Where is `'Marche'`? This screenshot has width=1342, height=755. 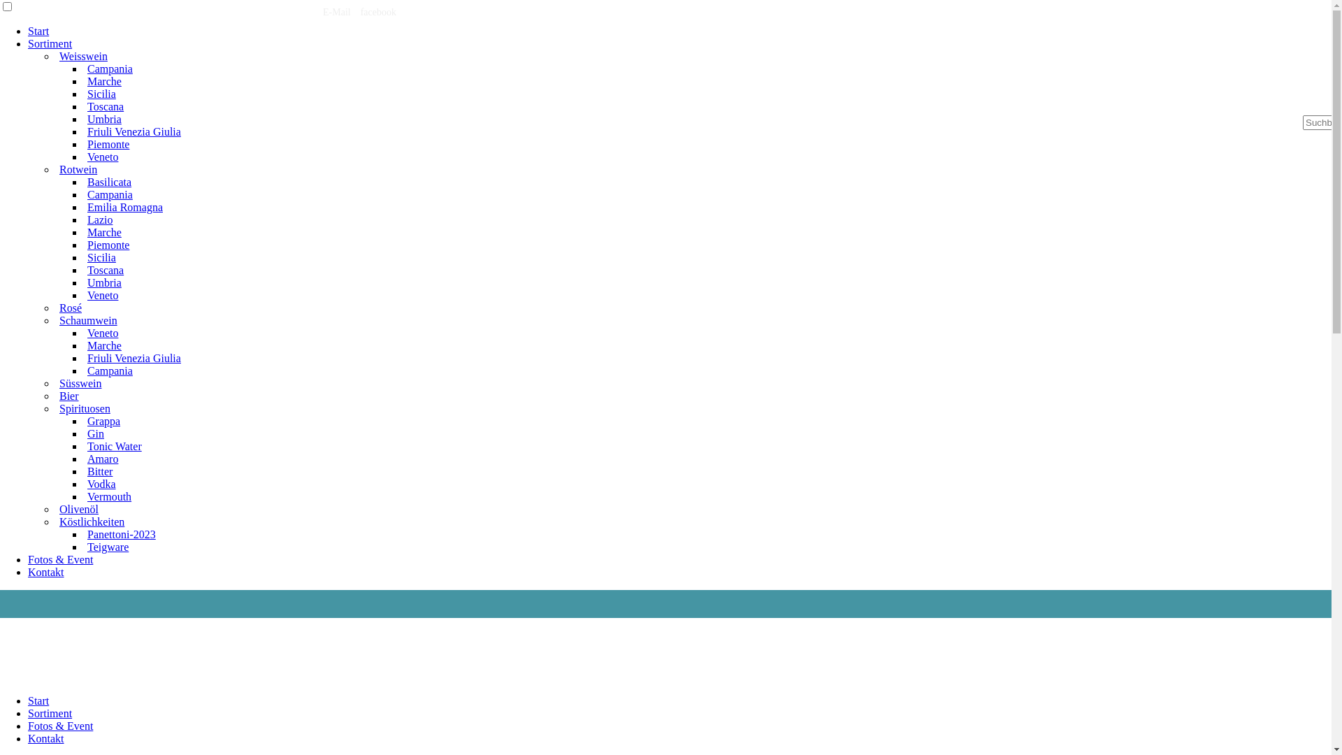
'Marche' is located at coordinates (103, 81).